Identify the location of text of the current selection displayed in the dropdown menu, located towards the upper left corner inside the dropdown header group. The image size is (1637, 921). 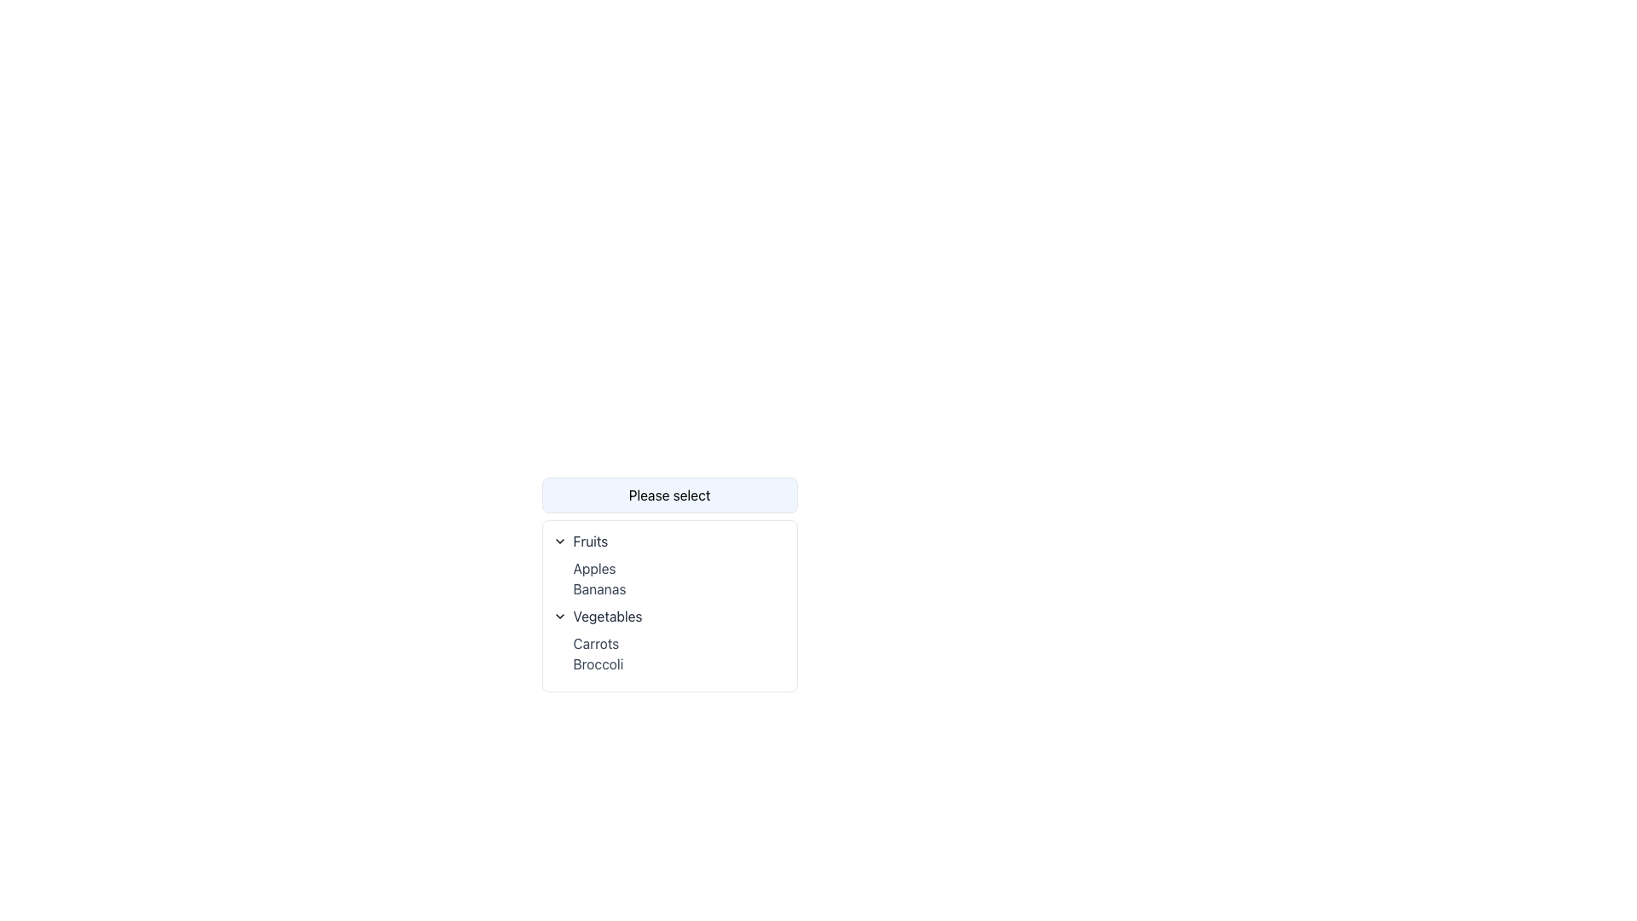
(590, 542).